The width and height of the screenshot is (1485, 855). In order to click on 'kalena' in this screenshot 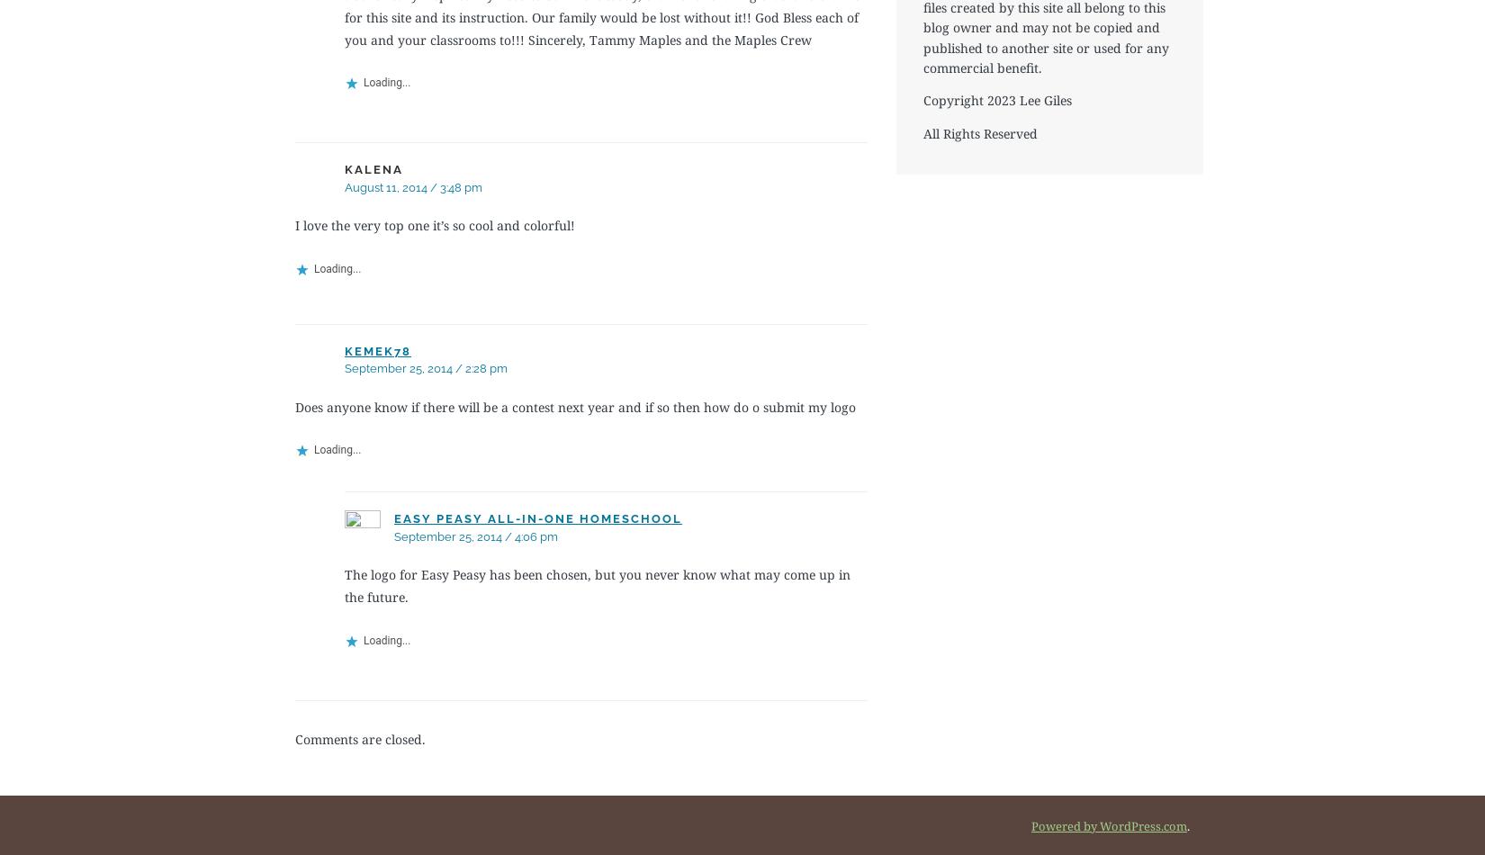, I will do `click(373, 169)`.